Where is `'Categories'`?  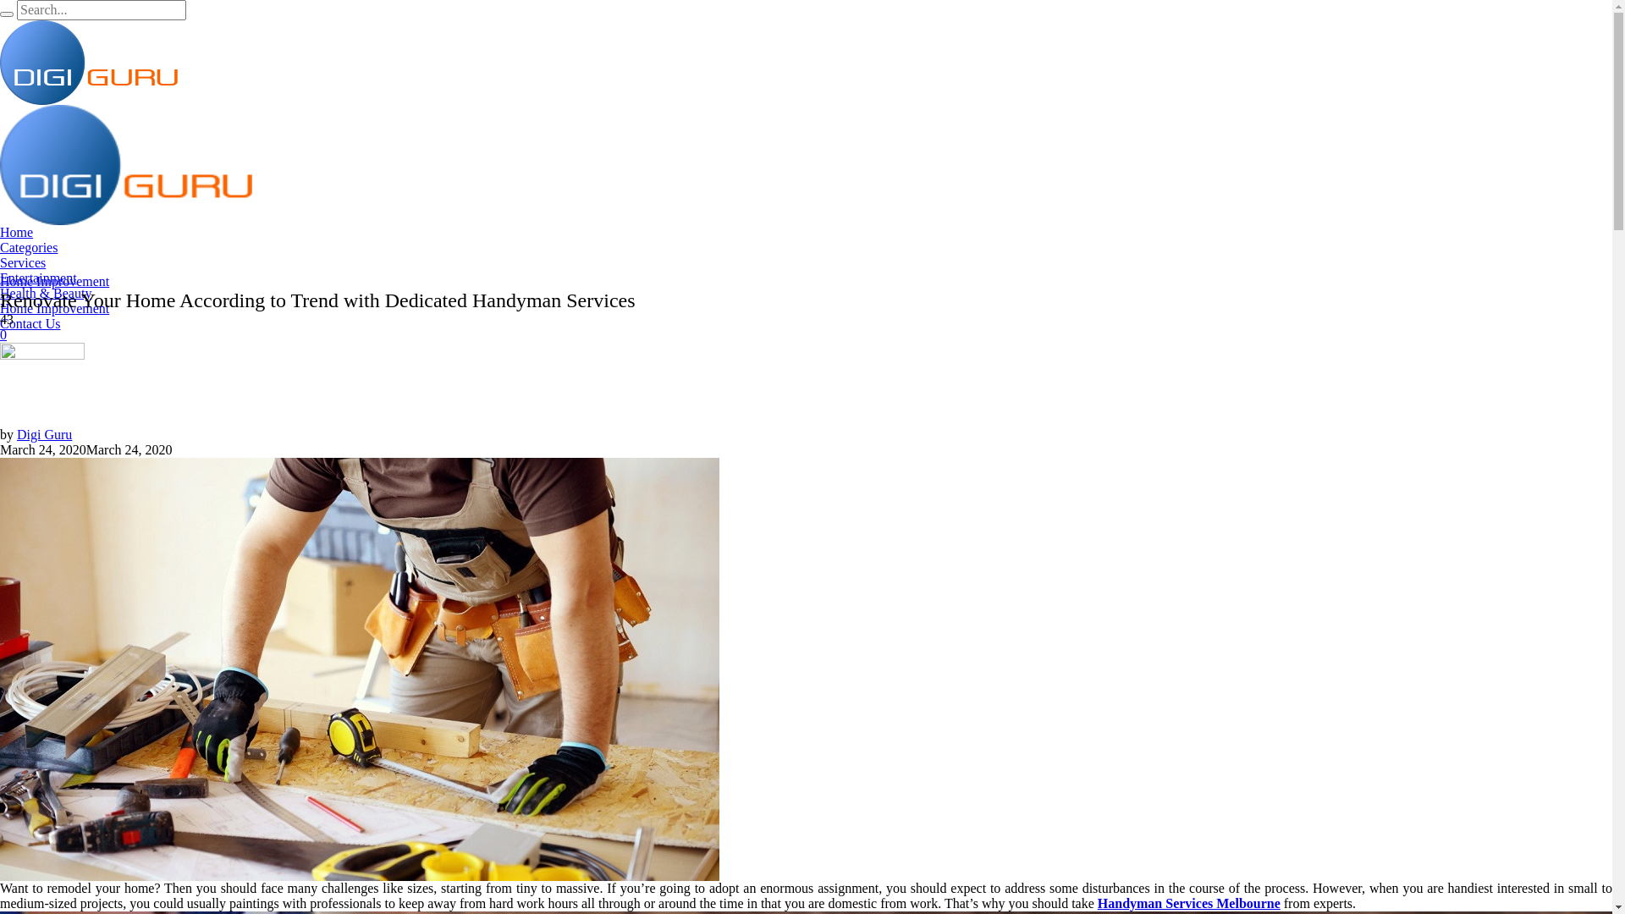
'Categories' is located at coordinates (28, 247).